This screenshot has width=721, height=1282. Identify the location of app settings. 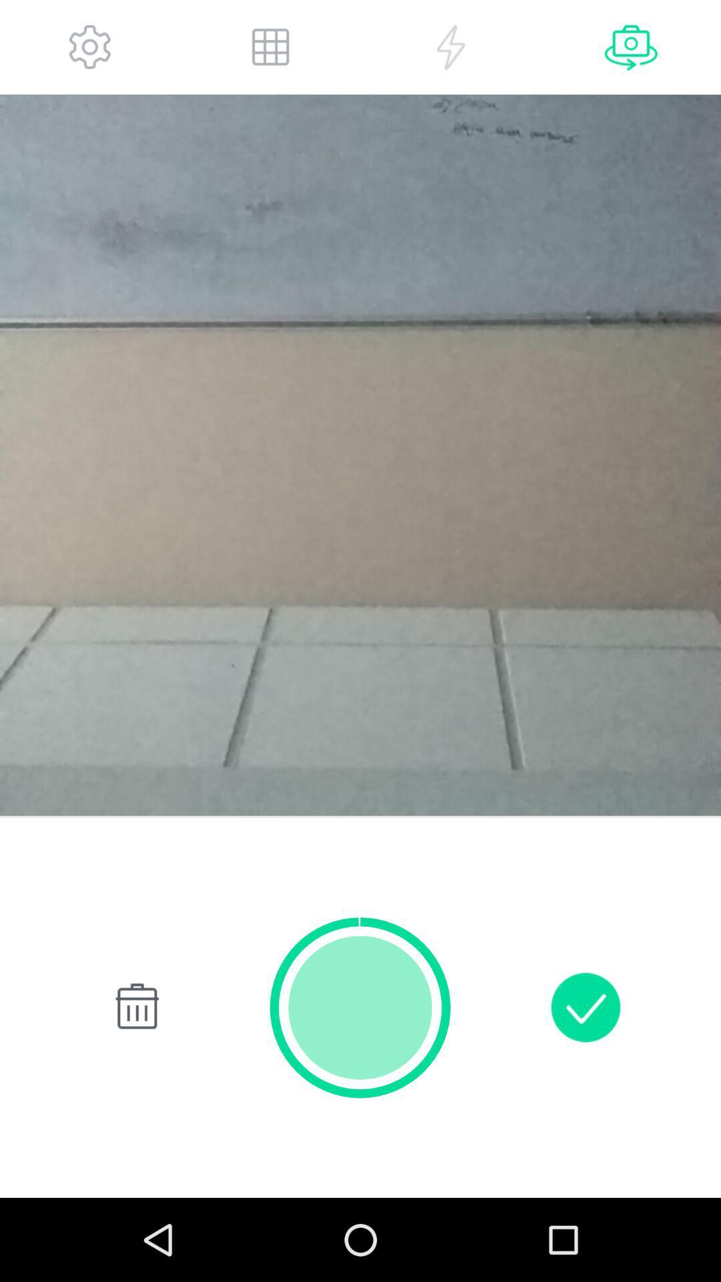
(90, 47).